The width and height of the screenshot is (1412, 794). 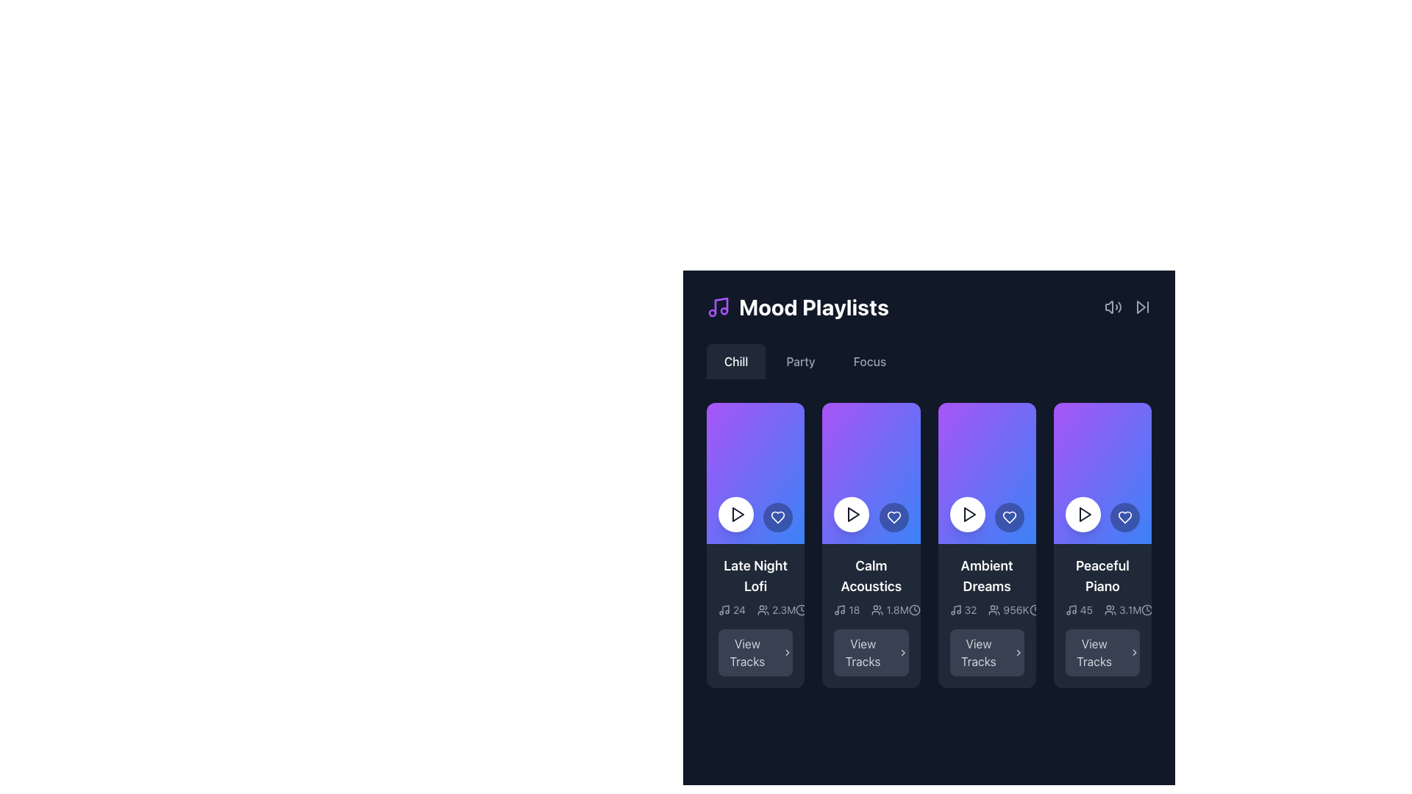 What do you see at coordinates (871, 575) in the screenshot?
I see `the main title of the second card in the playlist carousel, which indicates the title 'Calm Acoustics'` at bounding box center [871, 575].